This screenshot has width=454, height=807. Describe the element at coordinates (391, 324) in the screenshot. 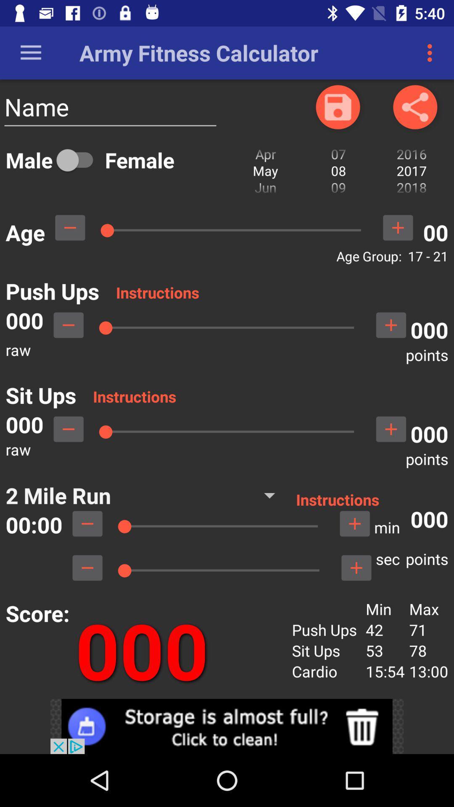

I see `increase number of push ups` at that location.